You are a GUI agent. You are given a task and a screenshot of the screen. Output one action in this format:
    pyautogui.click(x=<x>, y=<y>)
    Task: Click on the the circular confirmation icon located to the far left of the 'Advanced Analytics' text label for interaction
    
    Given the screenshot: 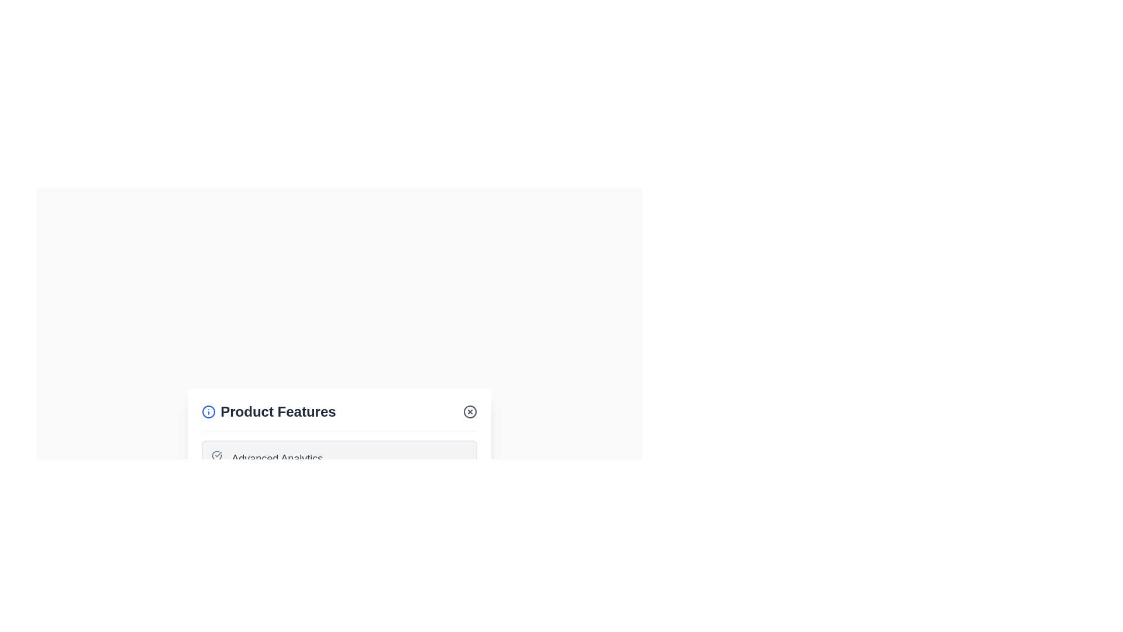 What is the action you would take?
    pyautogui.click(x=217, y=455)
    